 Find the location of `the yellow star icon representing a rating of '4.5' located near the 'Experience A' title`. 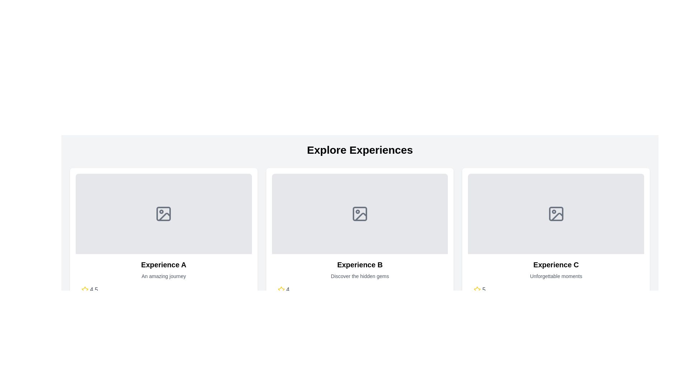

the yellow star icon representing a rating of '4.5' located near the 'Experience A' title is located at coordinates (85, 290).